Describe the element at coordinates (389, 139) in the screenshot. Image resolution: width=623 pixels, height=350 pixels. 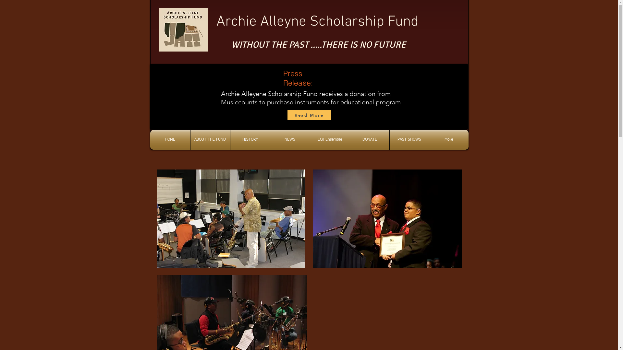
I see `'PAST SHOWS'` at that location.